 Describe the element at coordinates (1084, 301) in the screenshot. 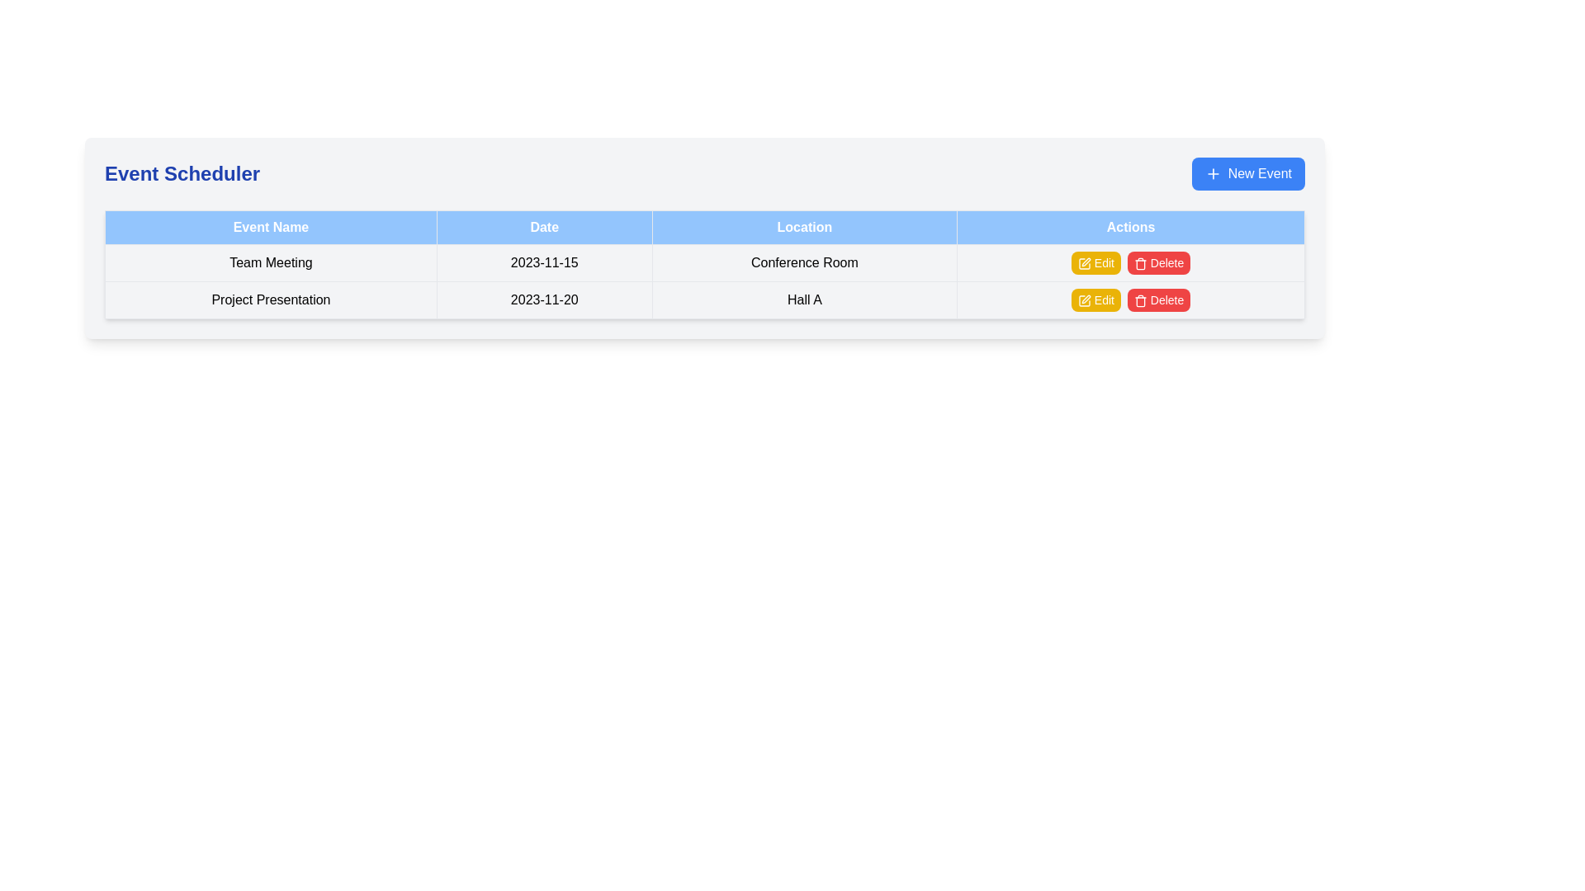

I see `the yellow 'Edit' button containing the pen icon in the 'Actions' column of the second row` at that location.